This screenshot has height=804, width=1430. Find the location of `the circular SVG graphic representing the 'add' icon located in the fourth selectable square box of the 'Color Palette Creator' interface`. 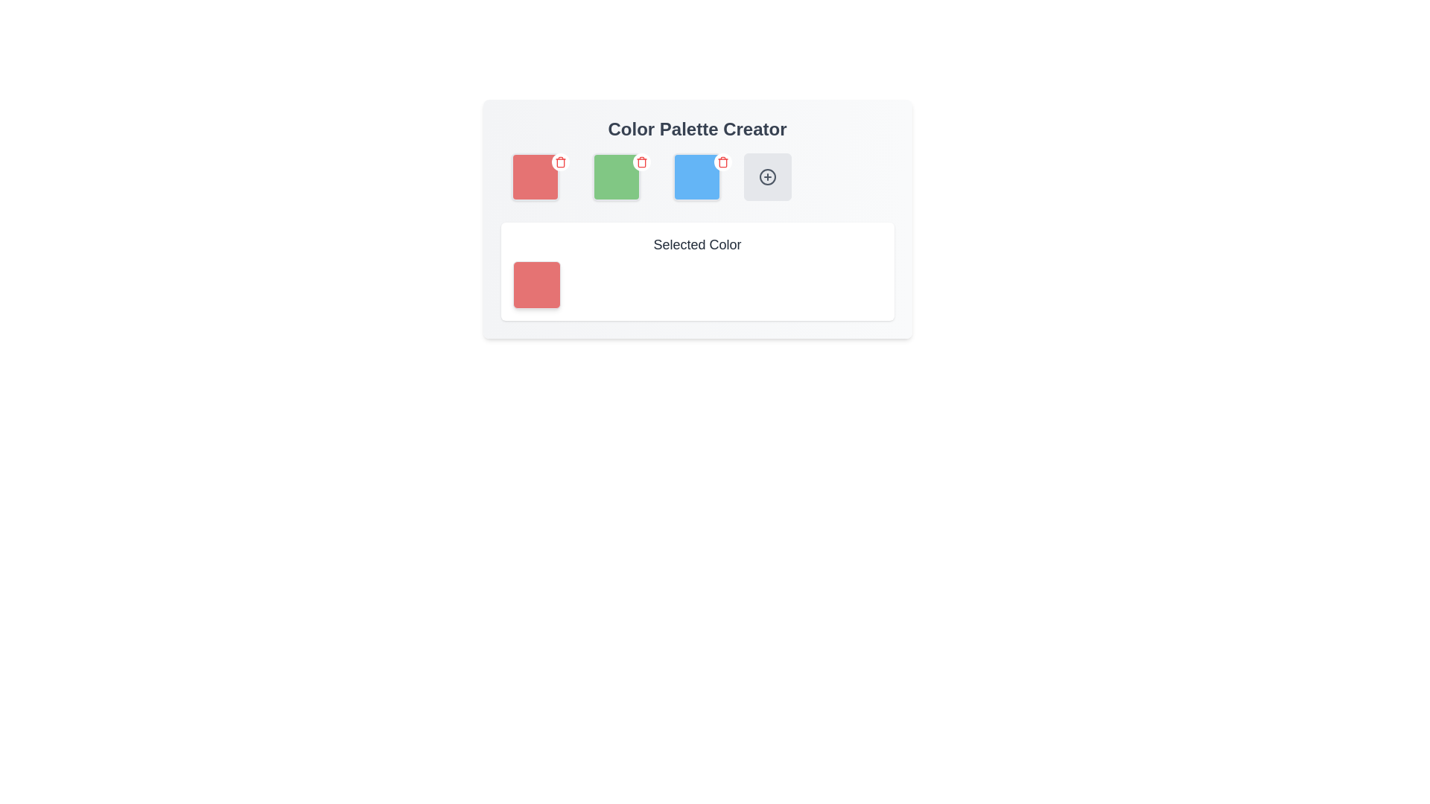

the circular SVG graphic representing the 'add' icon located in the fourth selectable square box of the 'Color Palette Creator' interface is located at coordinates (767, 176).